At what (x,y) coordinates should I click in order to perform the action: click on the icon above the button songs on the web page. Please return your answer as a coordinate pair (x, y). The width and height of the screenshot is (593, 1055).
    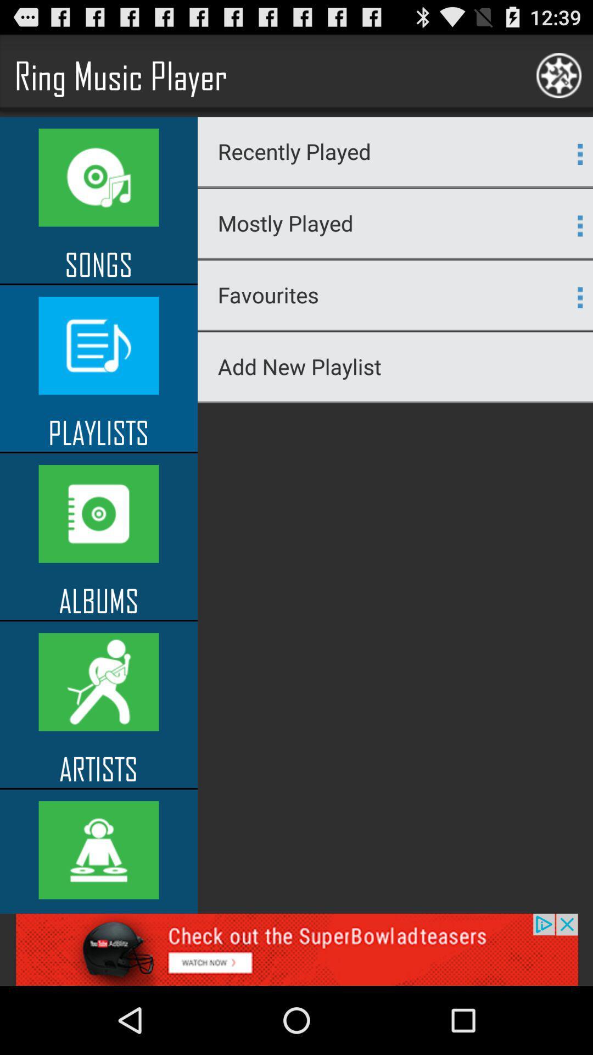
    Looking at the image, I should click on (99, 177).